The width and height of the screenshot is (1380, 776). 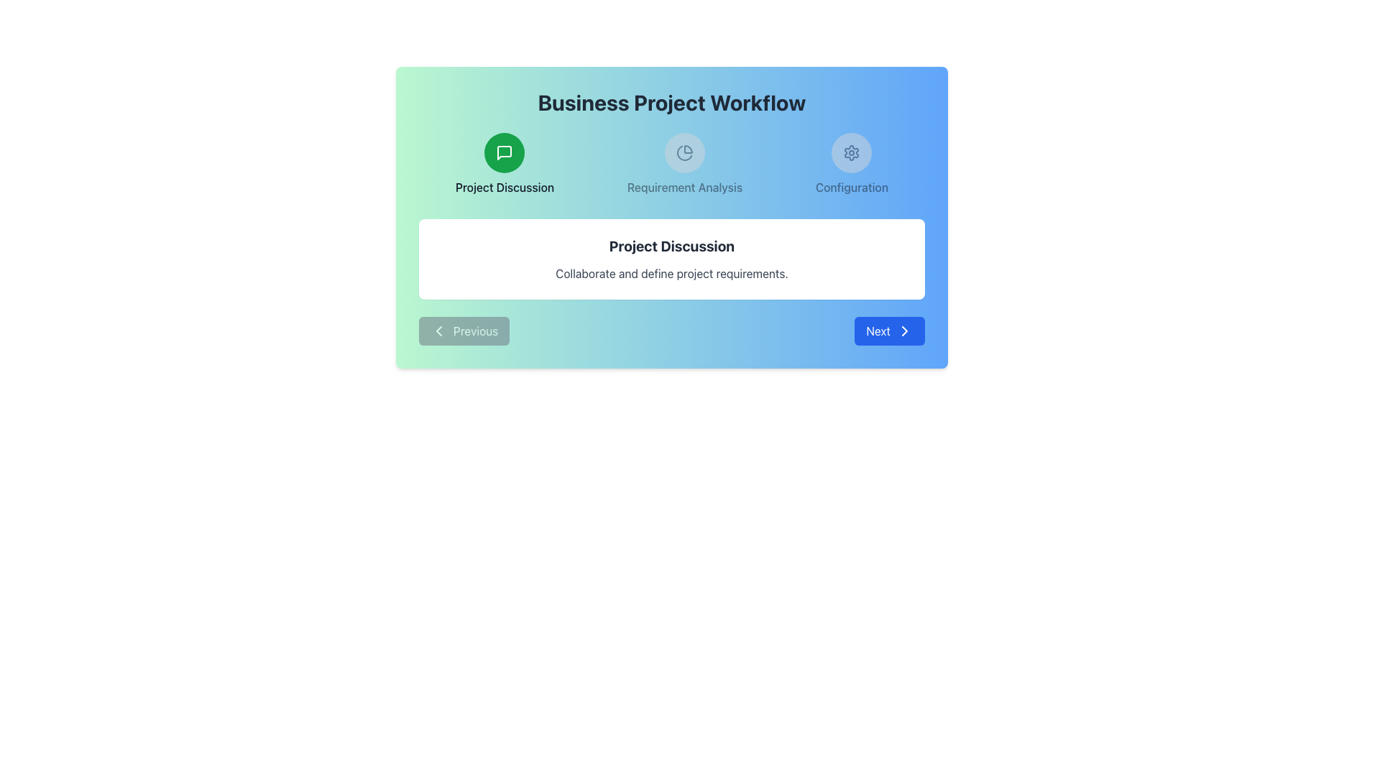 What do you see at coordinates (438, 331) in the screenshot?
I see `the visual indication of navigation by focusing on the left-chevron arrow icon within the 'Previous' button, which has a gray background and rounded corners` at bounding box center [438, 331].